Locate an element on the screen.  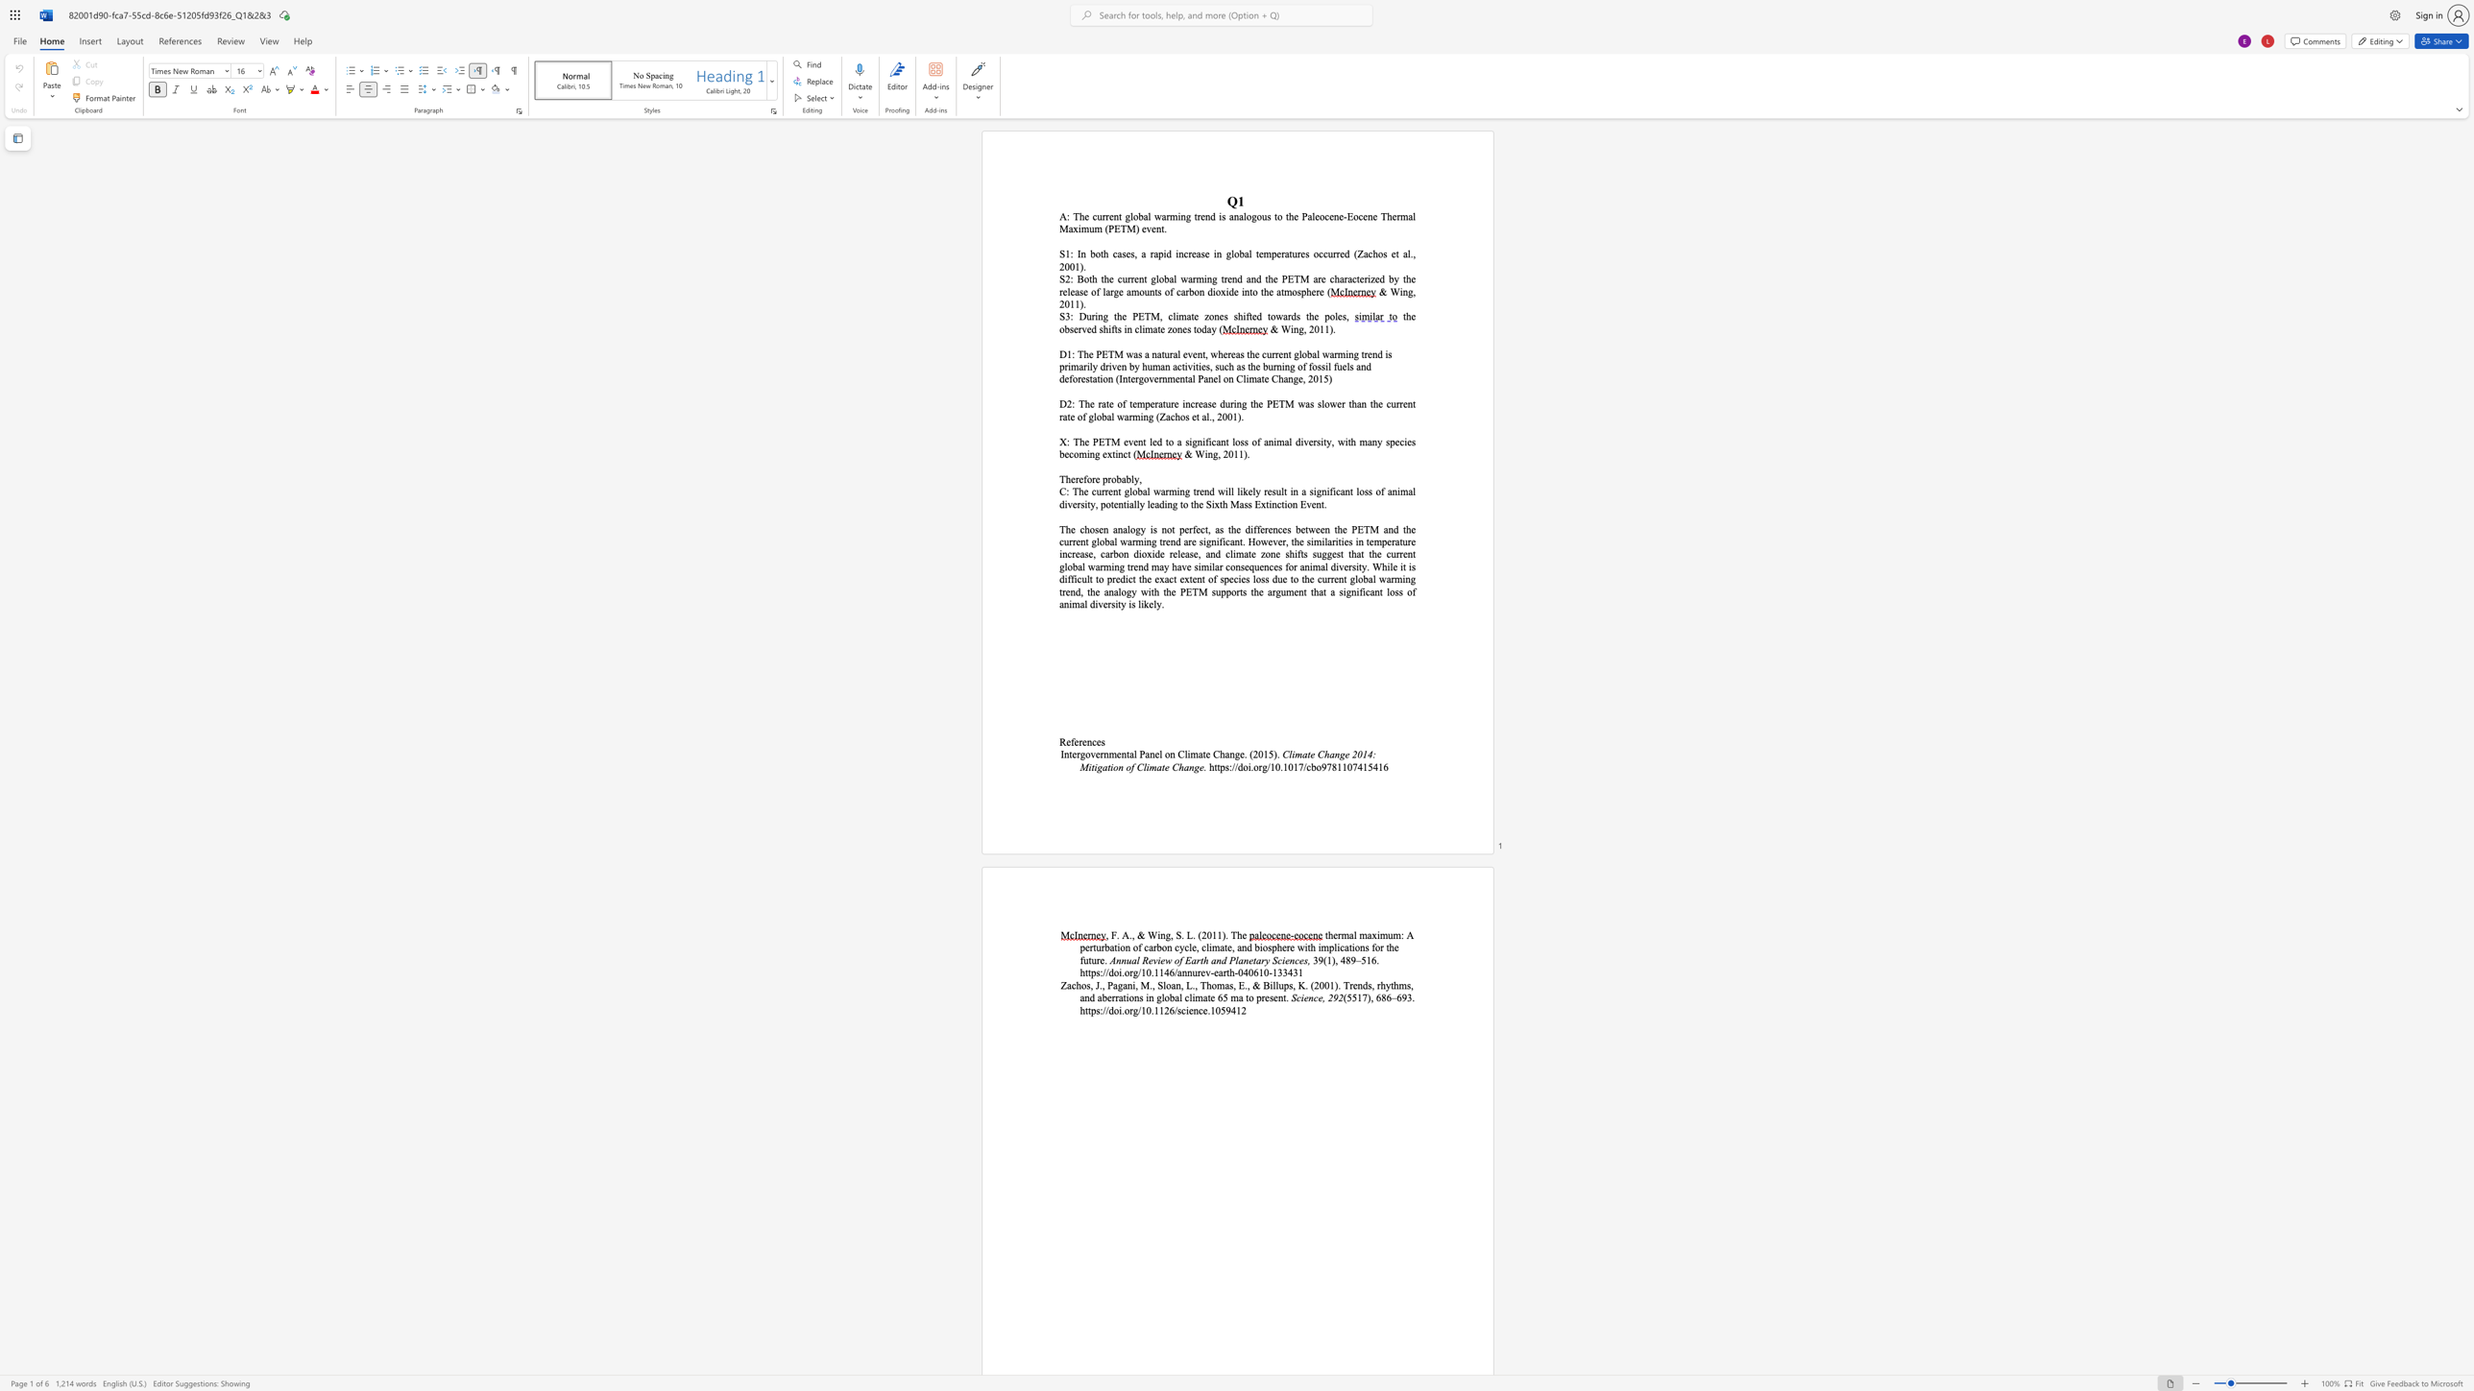
the subset text "t." within the text "and aberrations in global climate 65 ma to present." is located at coordinates (1282, 997).